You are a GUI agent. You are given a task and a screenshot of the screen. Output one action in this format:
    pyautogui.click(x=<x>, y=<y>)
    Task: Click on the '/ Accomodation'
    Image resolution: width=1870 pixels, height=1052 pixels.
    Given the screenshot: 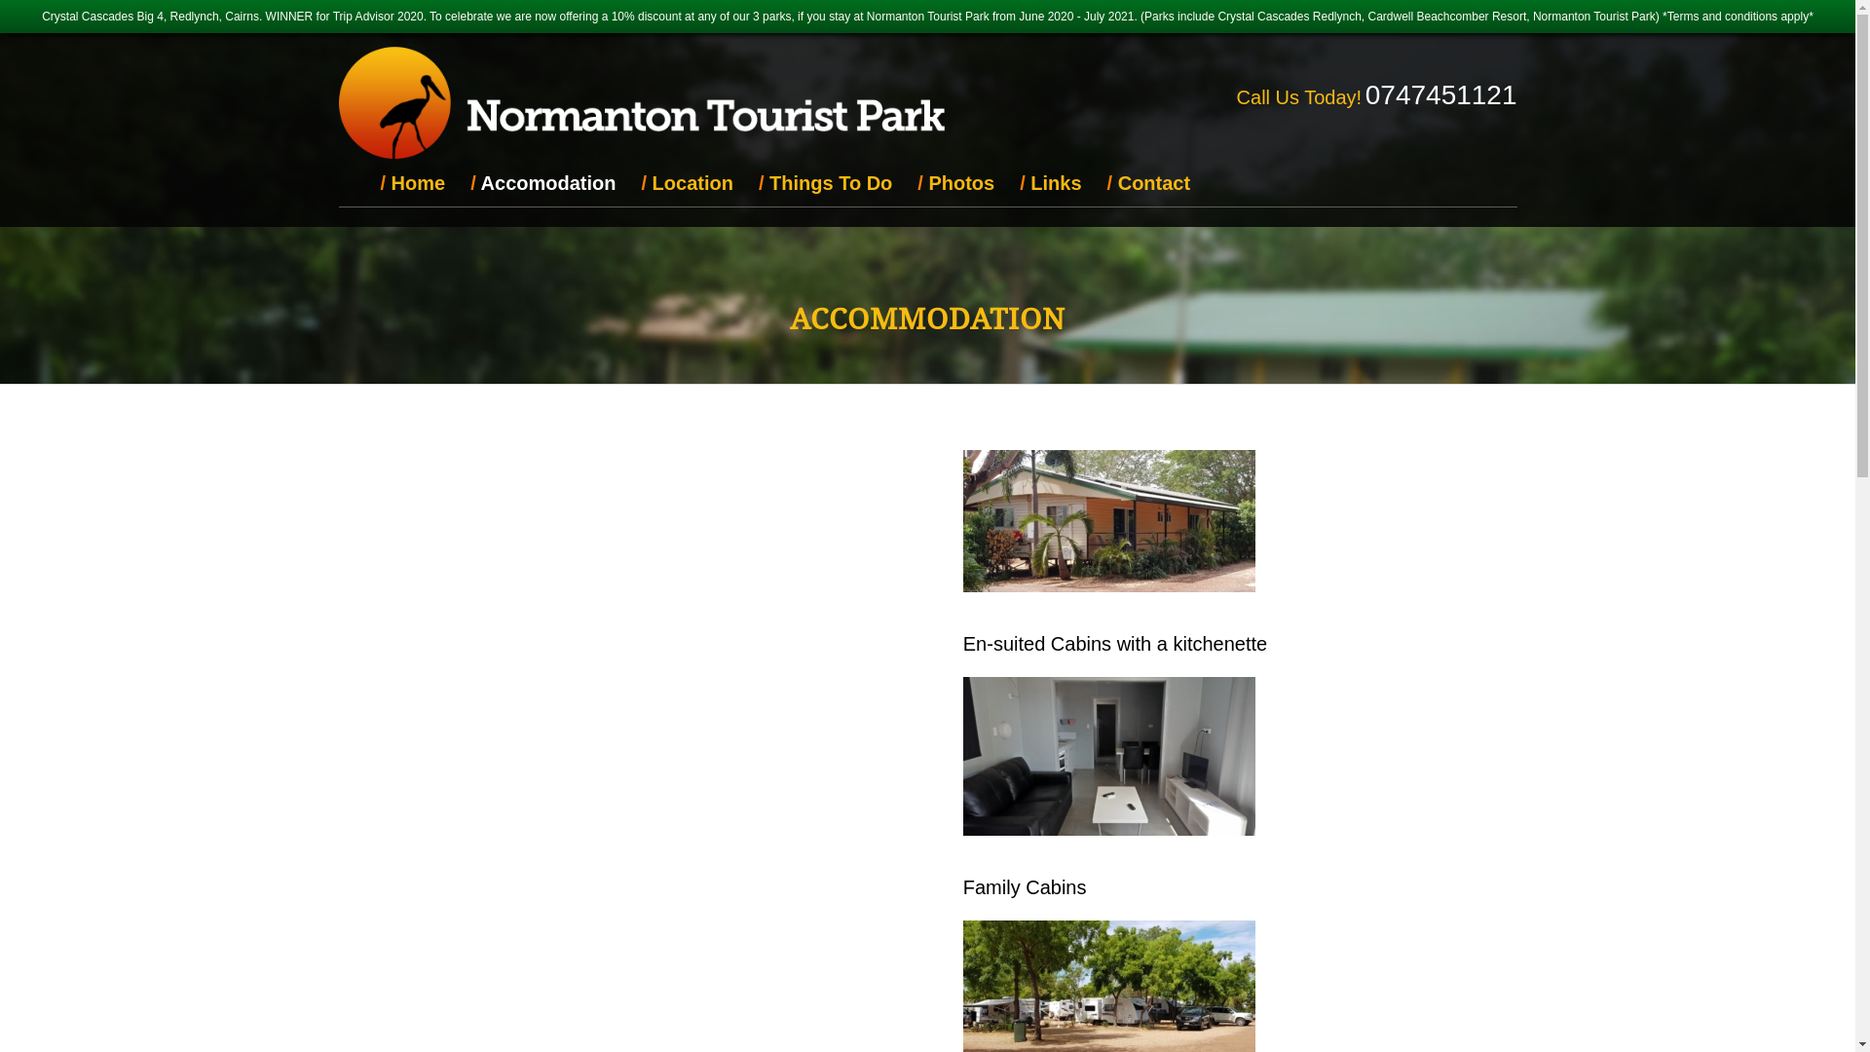 What is the action you would take?
    pyautogui.click(x=457, y=183)
    